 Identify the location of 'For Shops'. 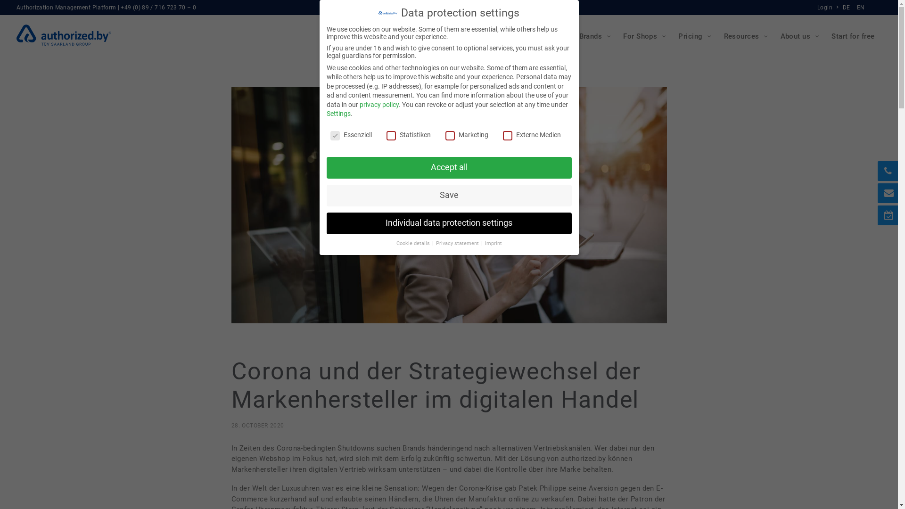
(643, 36).